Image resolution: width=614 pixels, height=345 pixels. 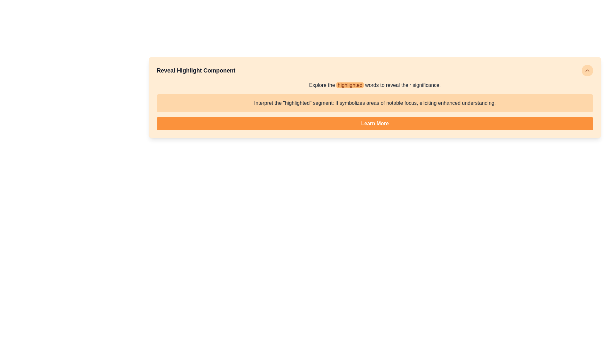 I want to click on the emphasized text span that highlights the word 'highlighted' within the sentence 'Explore the highlighted words to reveal their significance.', so click(x=350, y=85).